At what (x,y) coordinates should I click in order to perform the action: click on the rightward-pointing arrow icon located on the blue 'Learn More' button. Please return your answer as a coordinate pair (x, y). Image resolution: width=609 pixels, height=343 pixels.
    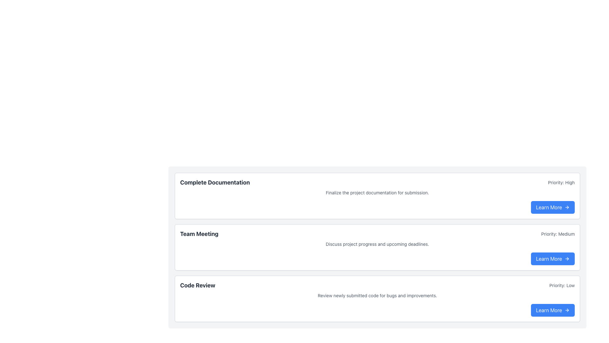
    Looking at the image, I should click on (567, 259).